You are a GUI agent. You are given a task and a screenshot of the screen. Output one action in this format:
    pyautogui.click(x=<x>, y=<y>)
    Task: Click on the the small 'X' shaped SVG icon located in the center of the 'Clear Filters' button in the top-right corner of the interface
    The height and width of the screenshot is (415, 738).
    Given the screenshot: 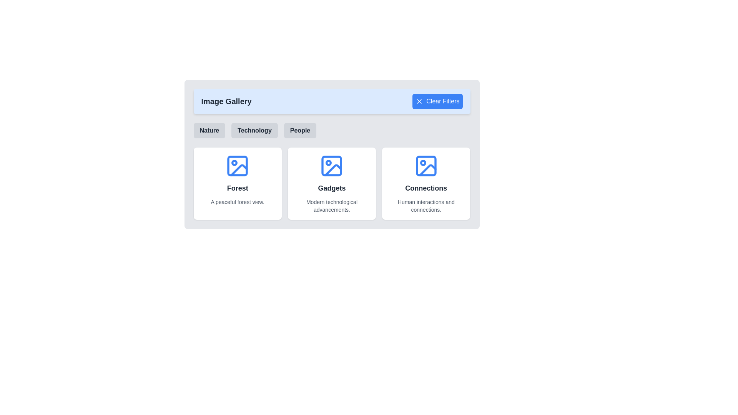 What is the action you would take?
    pyautogui.click(x=419, y=101)
    